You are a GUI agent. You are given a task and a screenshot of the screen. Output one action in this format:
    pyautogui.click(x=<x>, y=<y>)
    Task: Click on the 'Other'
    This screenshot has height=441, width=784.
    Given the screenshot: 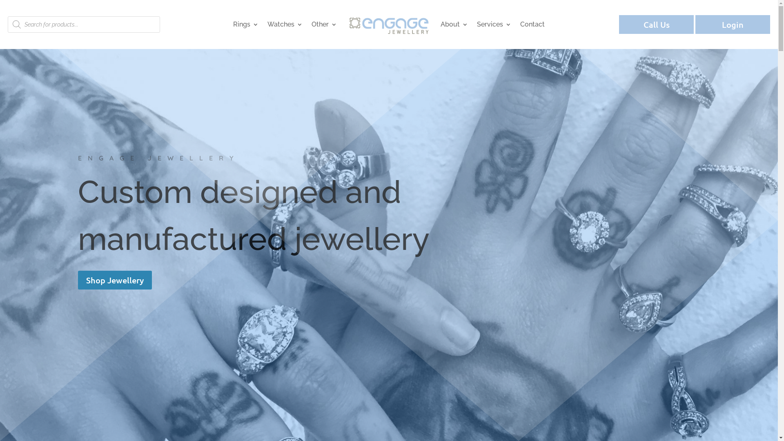 What is the action you would take?
    pyautogui.click(x=323, y=24)
    